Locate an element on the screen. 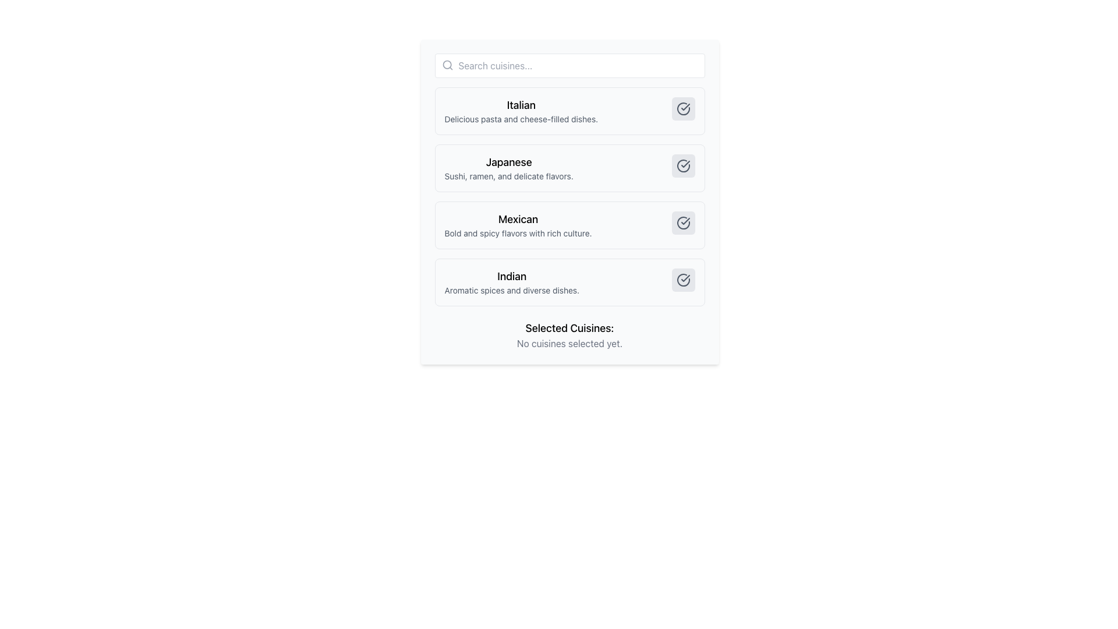 The image size is (1118, 629). the circular button with a gray background and check mark icon located at the top-right corner of the 'Japanese' list item is located at coordinates (683, 166).